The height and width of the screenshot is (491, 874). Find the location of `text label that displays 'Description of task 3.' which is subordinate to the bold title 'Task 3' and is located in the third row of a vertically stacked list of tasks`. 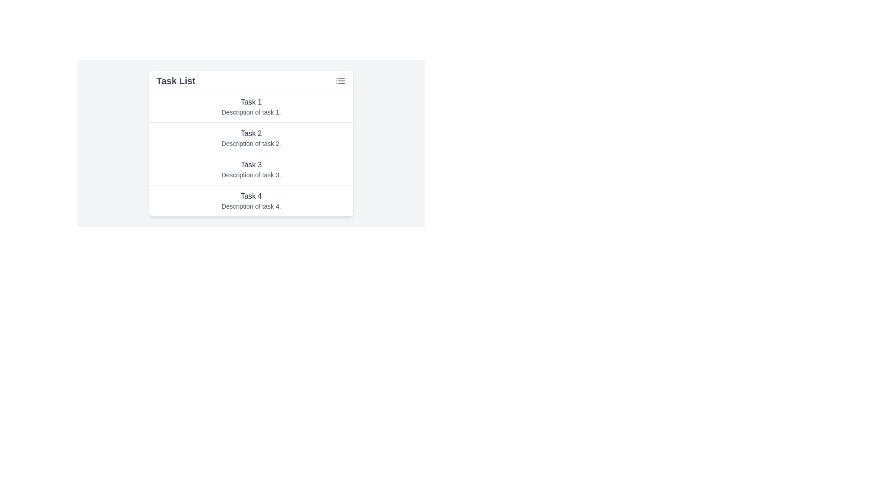

text label that displays 'Description of task 3.' which is subordinate to the bold title 'Task 3' and is located in the third row of a vertically stacked list of tasks is located at coordinates (251, 175).